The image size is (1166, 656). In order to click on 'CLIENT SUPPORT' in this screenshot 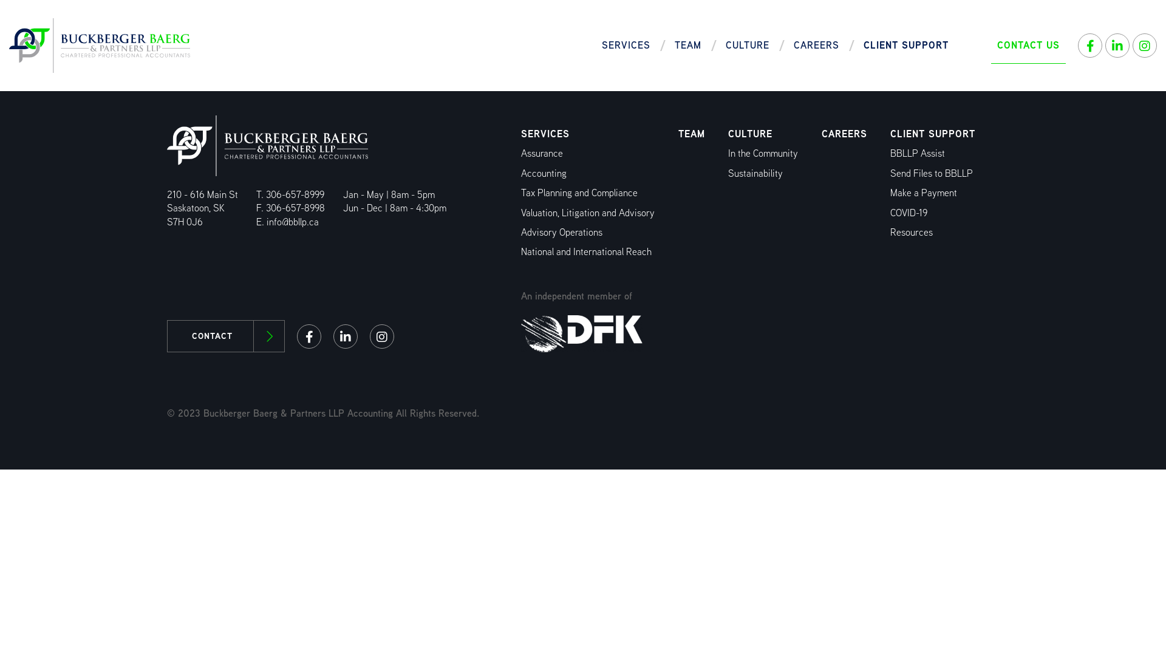, I will do `click(906, 44)`.